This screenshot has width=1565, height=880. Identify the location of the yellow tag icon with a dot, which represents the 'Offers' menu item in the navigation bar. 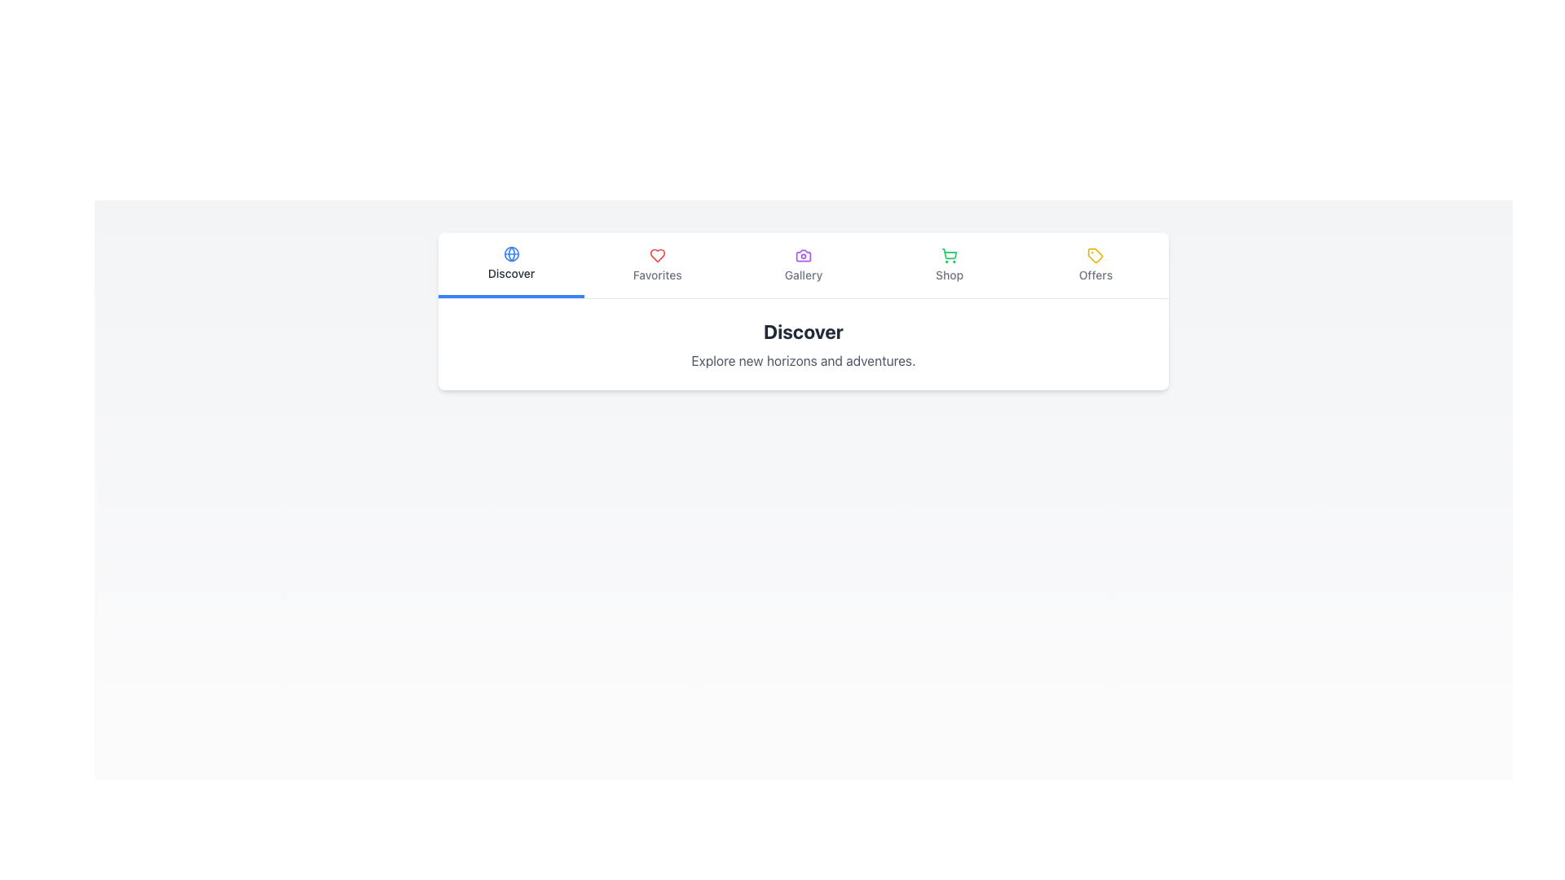
(1095, 255).